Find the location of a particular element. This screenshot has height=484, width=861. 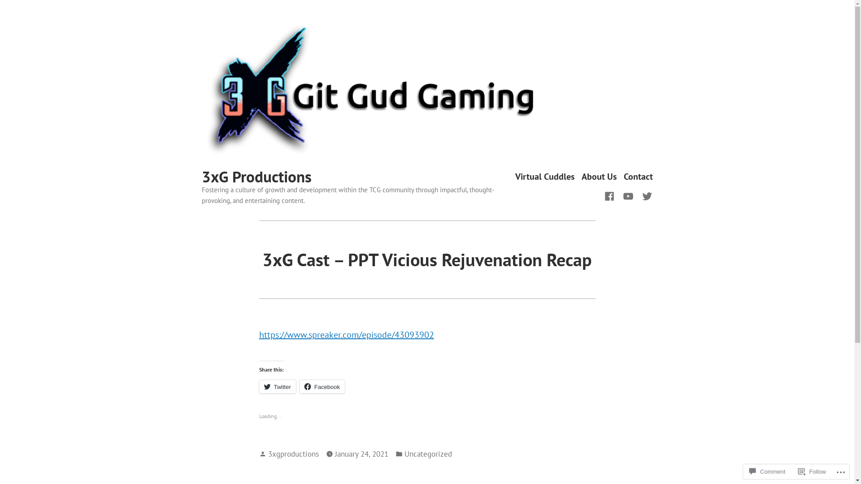

'Contact' is located at coordinates (637, 177).